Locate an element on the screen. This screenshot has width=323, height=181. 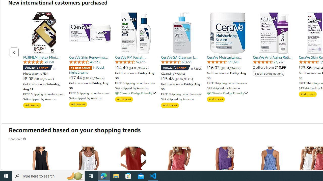
'$15.48 ' is located at coordinates (168, 78).